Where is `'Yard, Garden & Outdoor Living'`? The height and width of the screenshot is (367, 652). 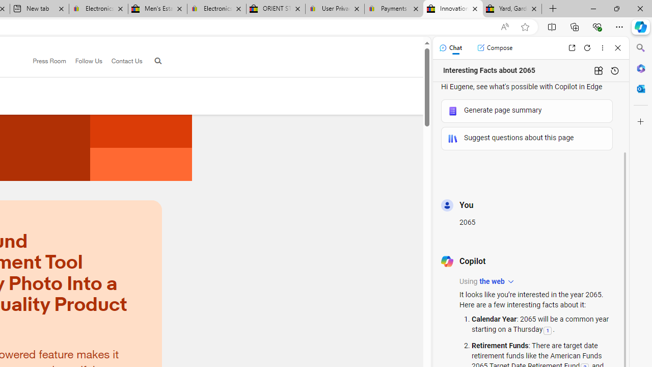
'Yard, Garden & Outdoor Living' is located at coordinates (512, 9).